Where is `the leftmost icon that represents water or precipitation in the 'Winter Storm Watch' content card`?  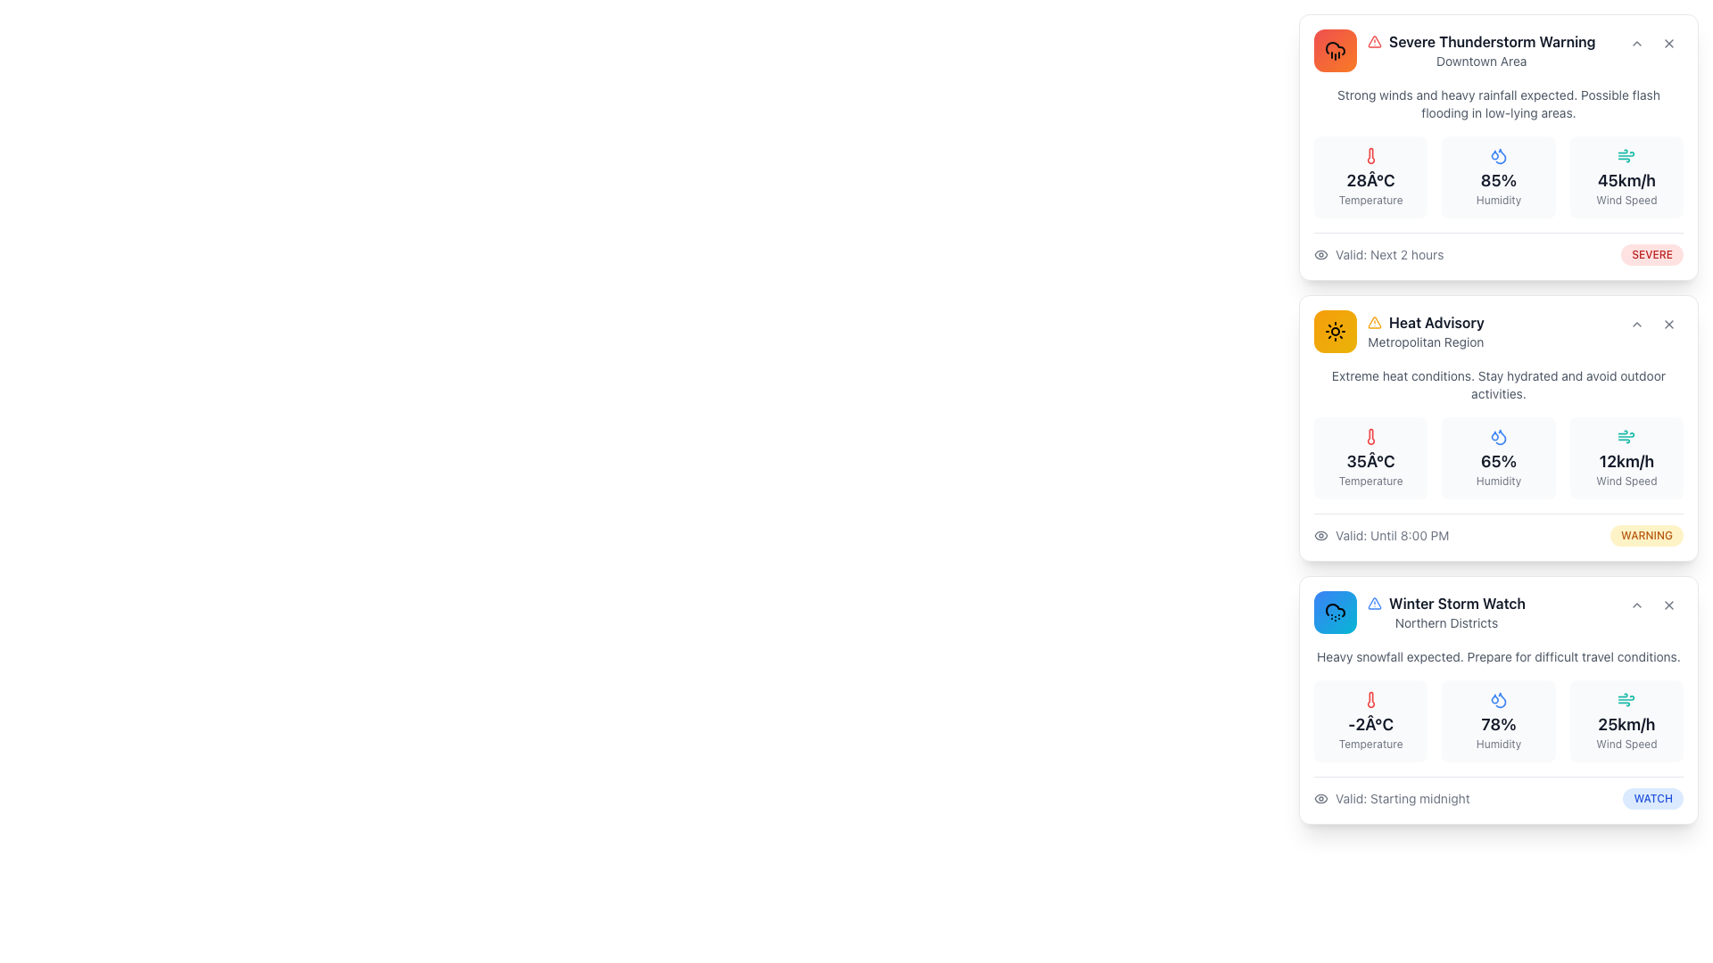 the leftmost icon that represents water or precipitation in the 'Winter Storm Watch' content card is located at coordinates (1494, 697).